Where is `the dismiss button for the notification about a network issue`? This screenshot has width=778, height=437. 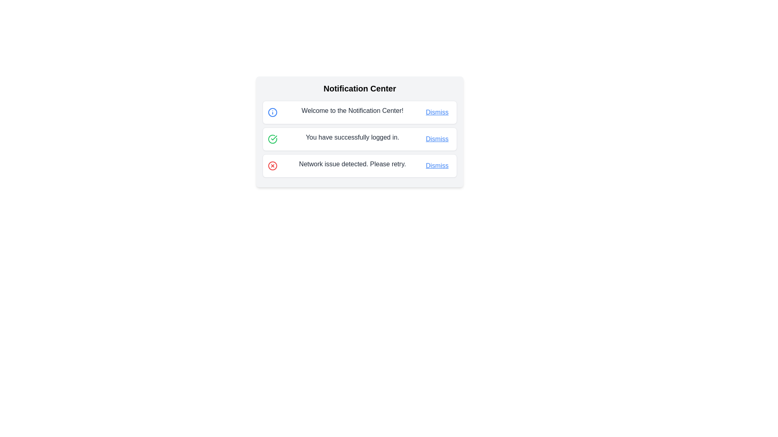 the dismiss button for the notification about a network issue is located at coordinates (437, 165).